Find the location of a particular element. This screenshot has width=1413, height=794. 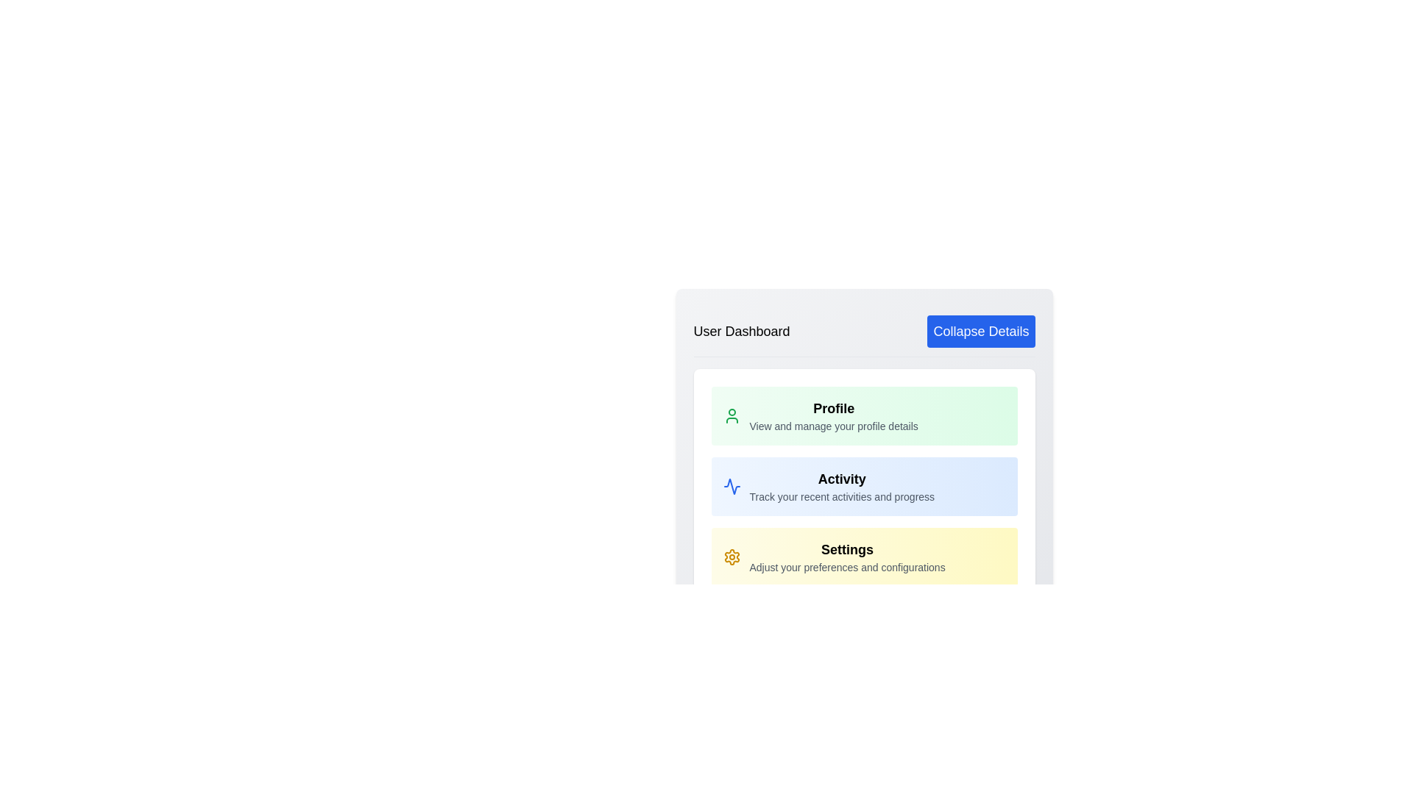

the clickable card element at the top-center of the dashboard layout is located at coordinates (834, 416).